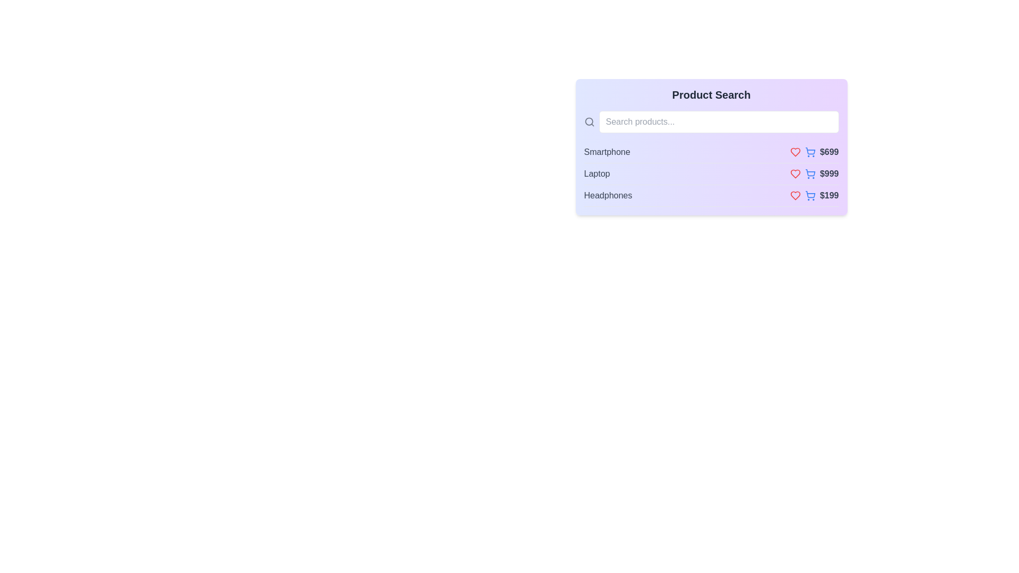 The width and height of the screenshot is (1019, 573). I want to click on the price tag displaying '$999' in gray color, located to the right of the shopping cart icon in the 'Laptop' section of the display, so click(814, 173).